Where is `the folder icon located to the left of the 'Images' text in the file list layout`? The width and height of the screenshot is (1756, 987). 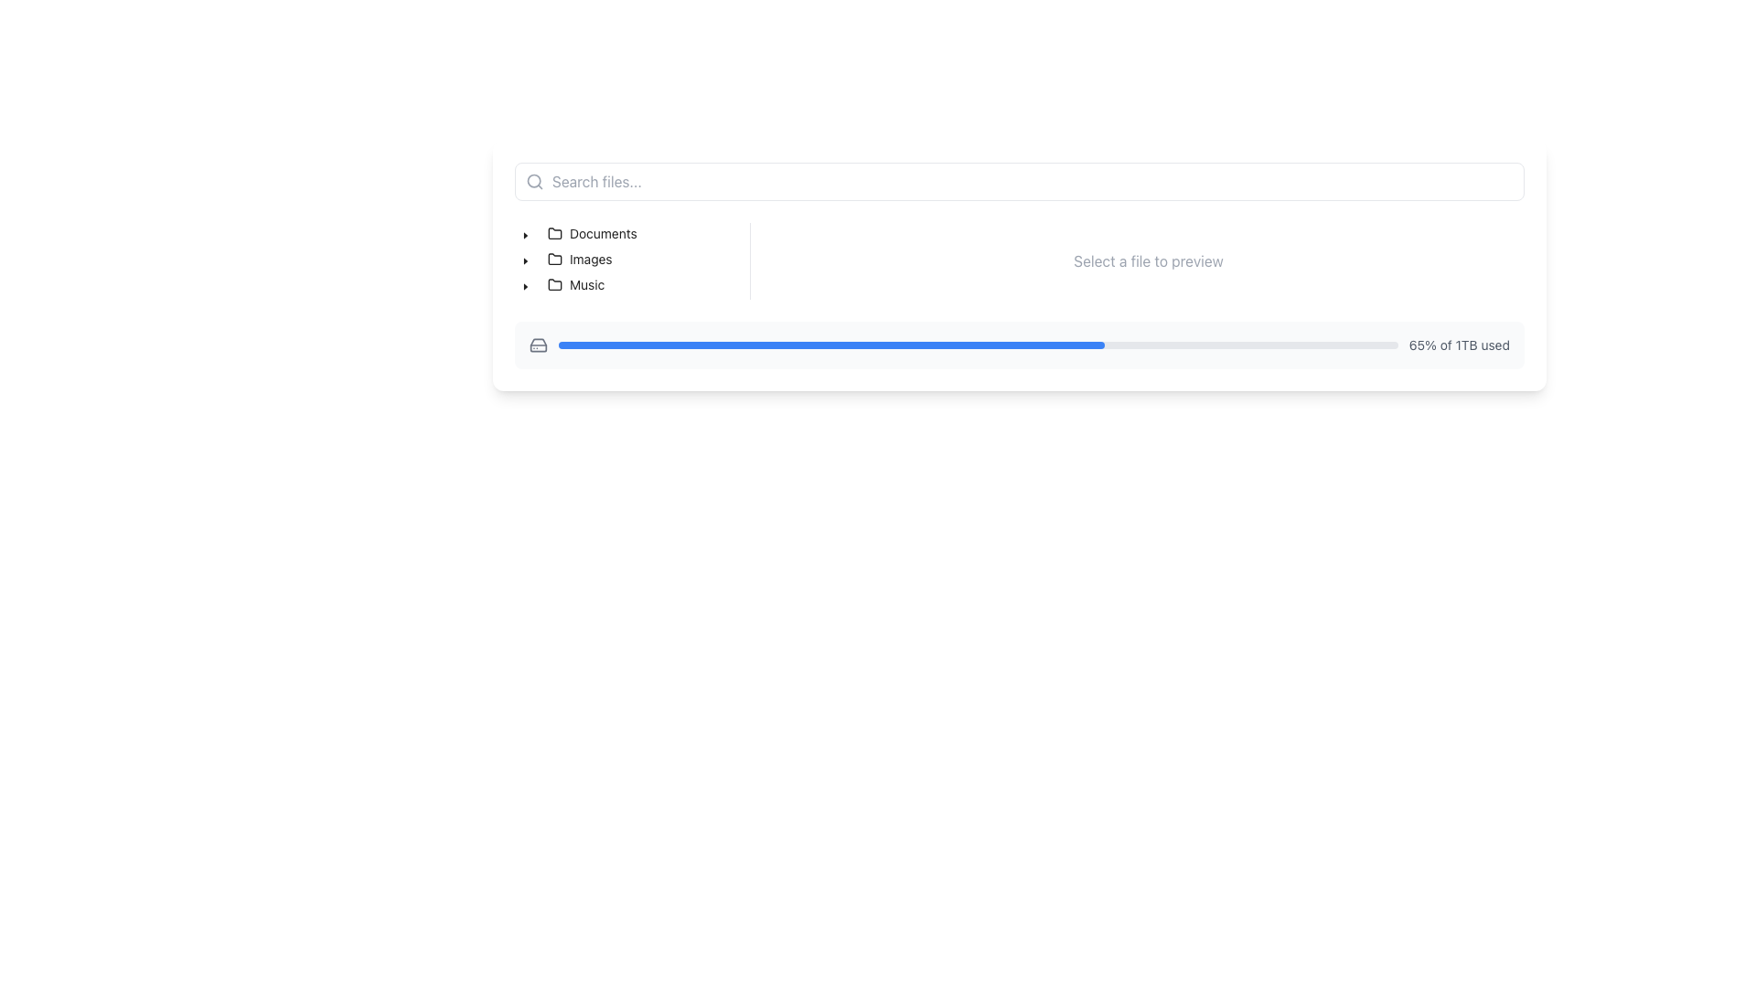
the folder icon located to the left of the 'Images' text in the file list layout is located at coordinates (553, 258).